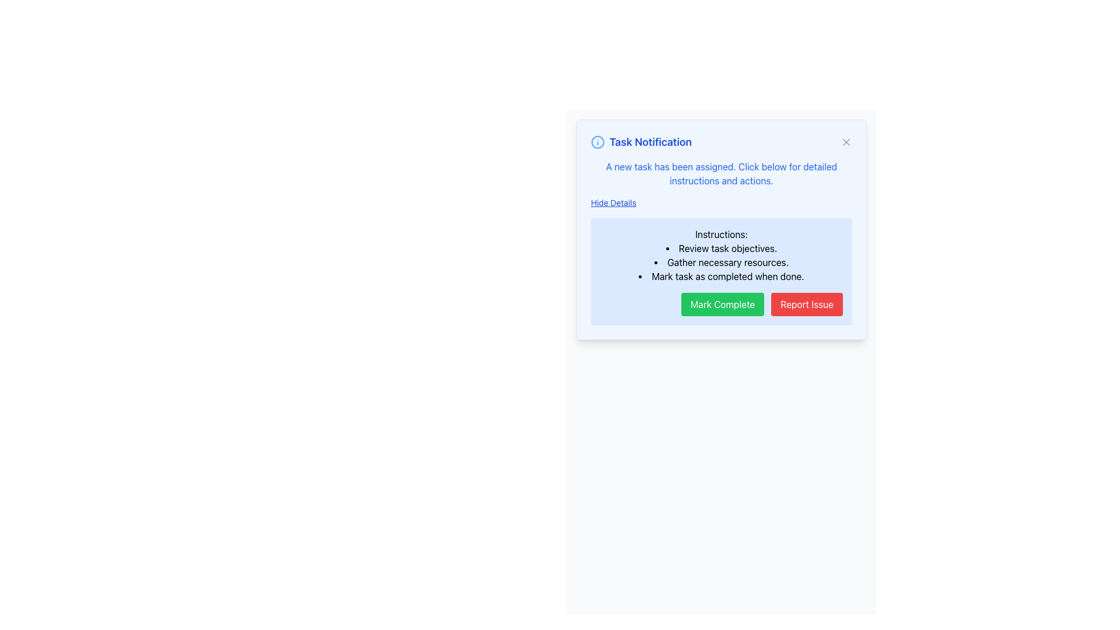 The width and height of the screenshot is (1120, 630). What do you see at coordinates (721, 276) in the screenshot?
I see `the third item in the centrally aligned bullet list within the notification card, which instructs the user to mark the task as completed` at bounding box center [721, 276].